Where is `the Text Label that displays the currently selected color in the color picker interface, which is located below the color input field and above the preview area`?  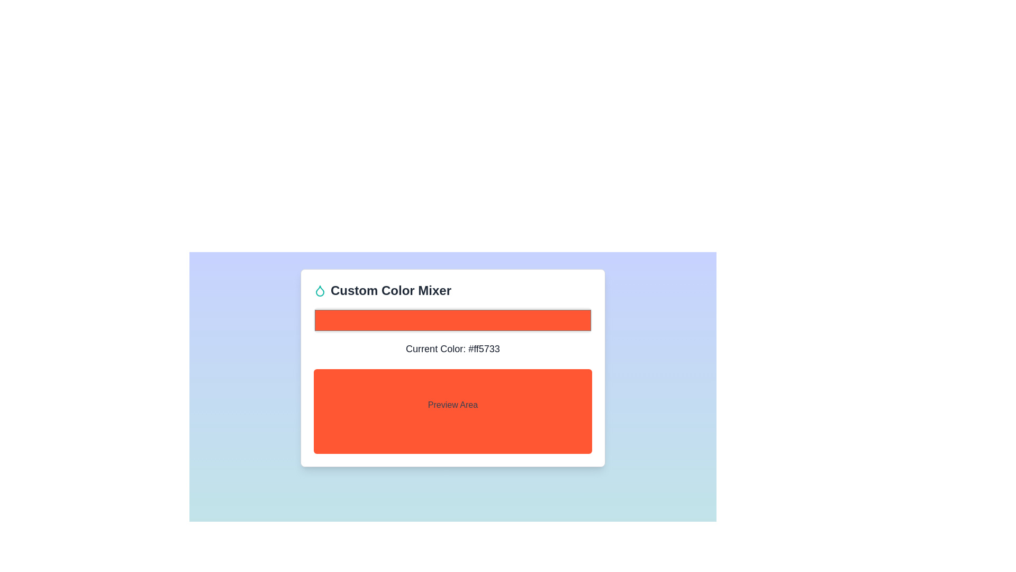
the Text Label that displays the currently selected color in the color picker interface, which is located below the color input field and above the preview area is located at coordinates (452, 349).